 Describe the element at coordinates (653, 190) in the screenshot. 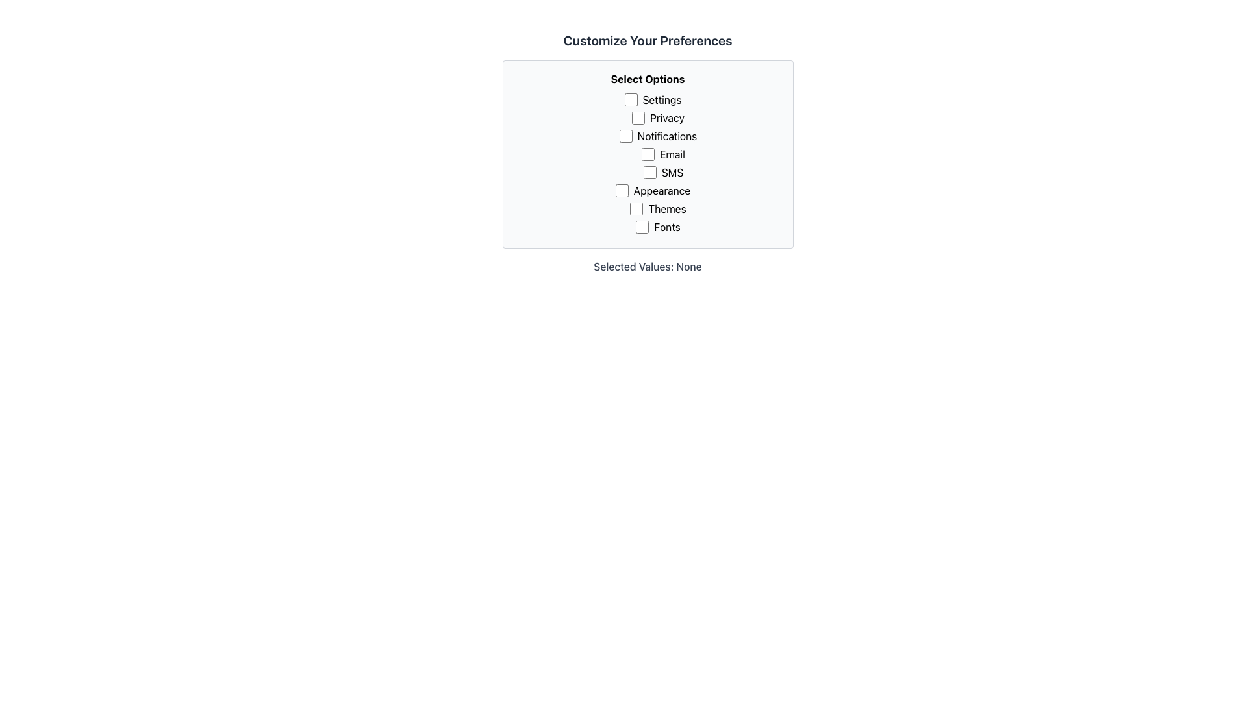

I see `the checkbox labeled 'Appearance' which is the fourth item in the 'Select Options' section under 'Customize Your Preferences'` at that location.